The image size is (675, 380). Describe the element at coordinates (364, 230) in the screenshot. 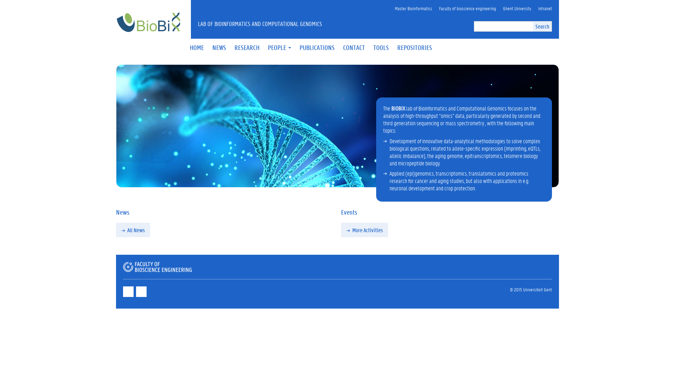

I see `'More Activities'` at that location.